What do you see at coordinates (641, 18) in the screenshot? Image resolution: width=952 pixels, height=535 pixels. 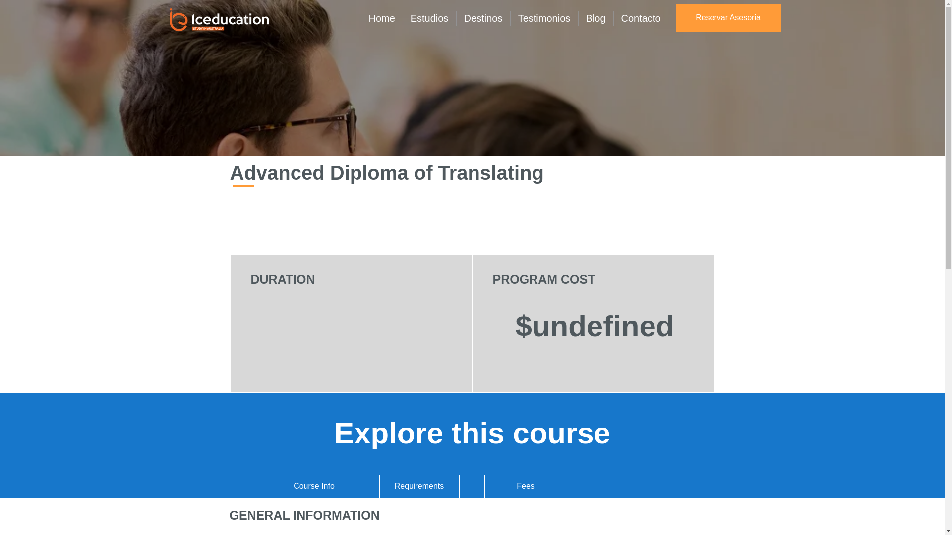 I see `'Contacto'` at bounding box center [641, 18].